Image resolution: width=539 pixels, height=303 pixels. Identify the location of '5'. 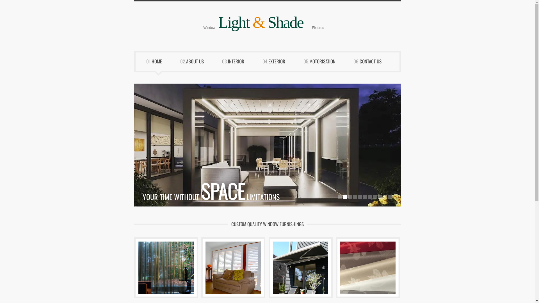
(360, 197).